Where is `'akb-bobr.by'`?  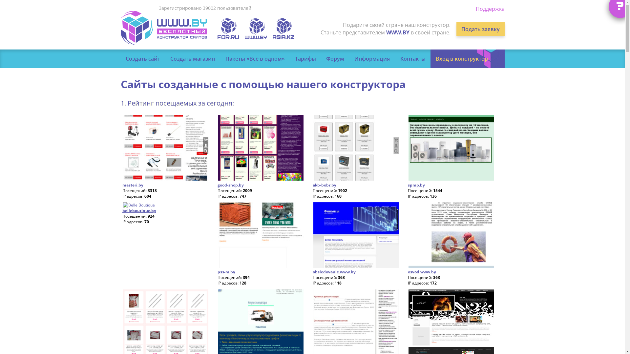 'akb-bobr.by' is located at coordinates (324, 185).